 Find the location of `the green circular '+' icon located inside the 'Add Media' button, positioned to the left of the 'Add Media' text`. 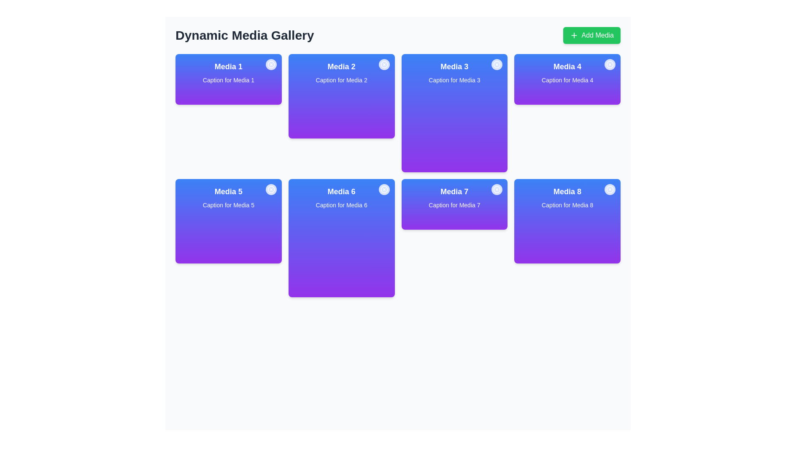

the green circular '+' icon located inside the 'Add Media' button, positioned to the left of the 'Add Media' text is located at coordinates (574, 35).